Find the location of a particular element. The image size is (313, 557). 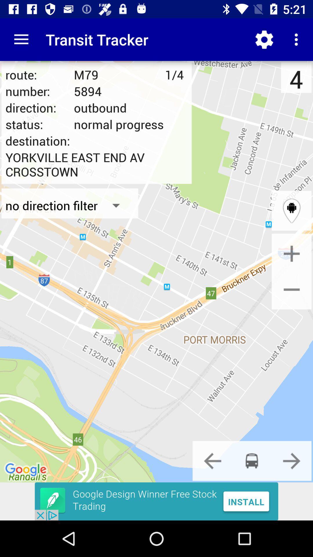

center on current location is located at coordinates (292, 210).